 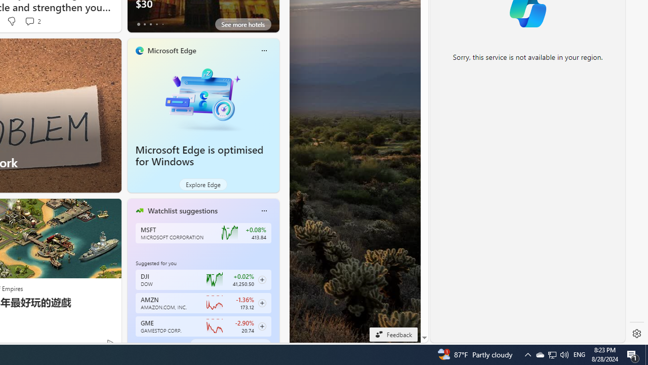 What do you see at coordinates (32, 21) in the screenshot?
I see `'View comments 2 Comment'` at bounding box center [32, 21].